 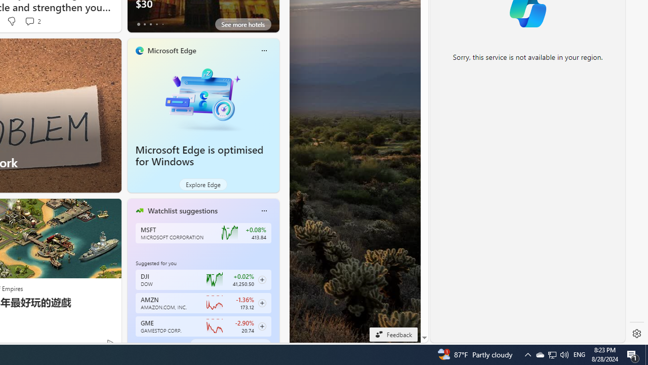 What do you see at coordinates (32, 21) in the screenshot?
I see `'View comments 2 Comment'` at bounding box center [32, 21].